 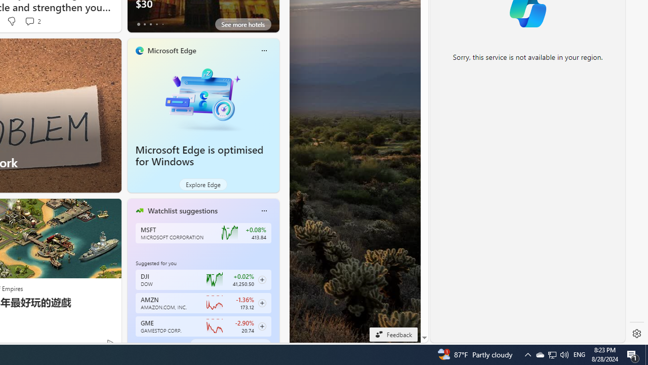 What do you see at coordinates (32, 21) in the screenshot?
I see `'View comments 2 Comment'` at bounding box center [32, 21].